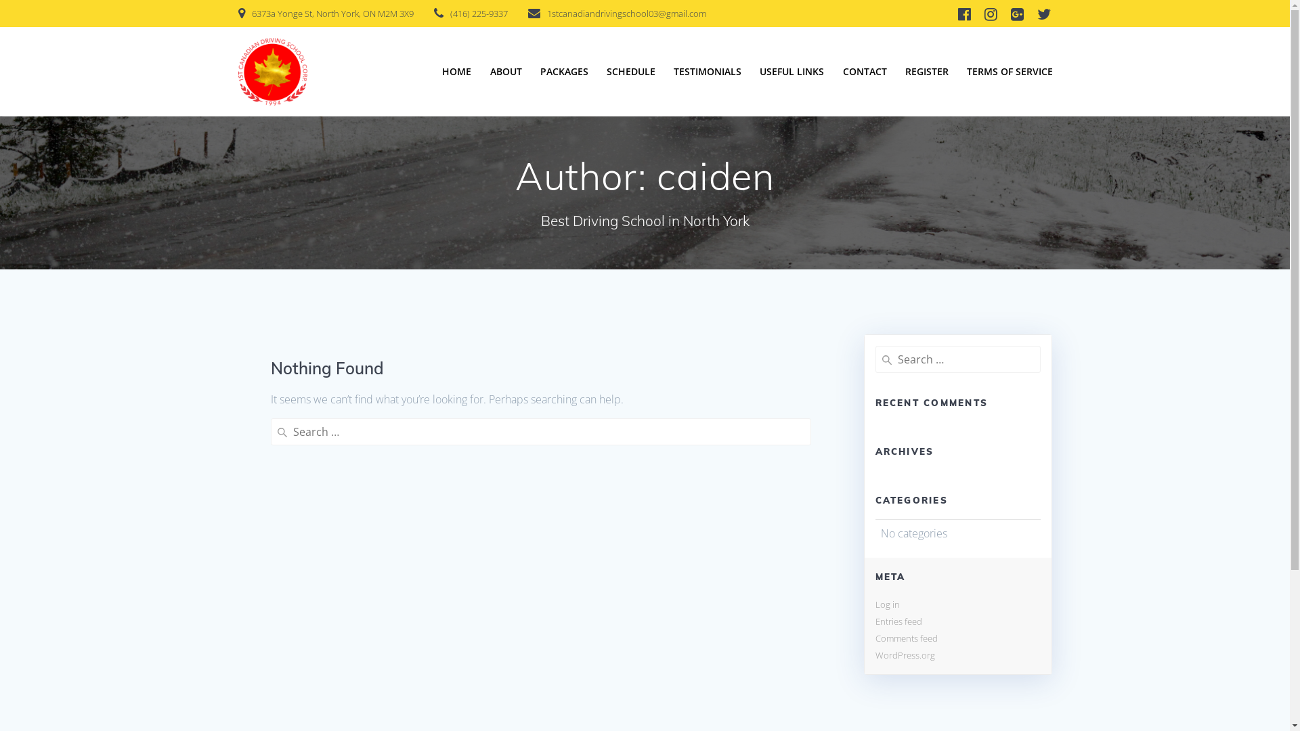 The height and width of the screenshot is (731, 1300). I want to click on 'HOME', so click(456, 71).